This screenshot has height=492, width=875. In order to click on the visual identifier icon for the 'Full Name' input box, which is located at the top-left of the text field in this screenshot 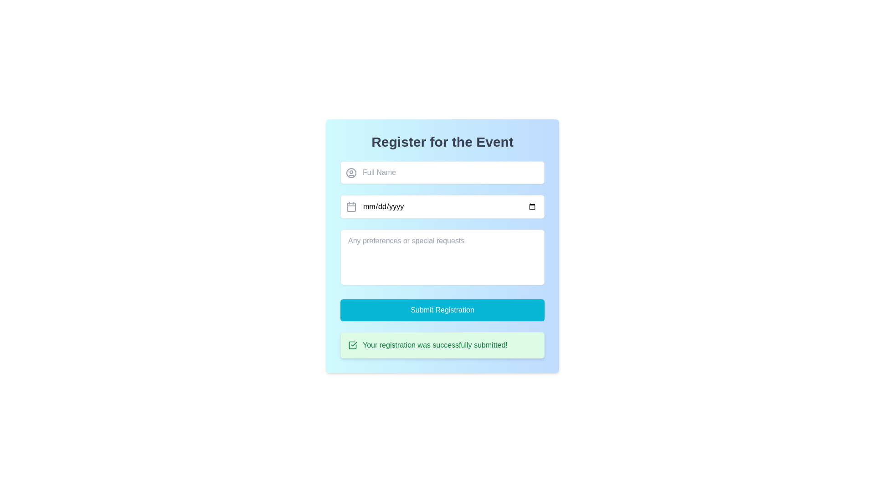, I will do `click(351, 173)`.